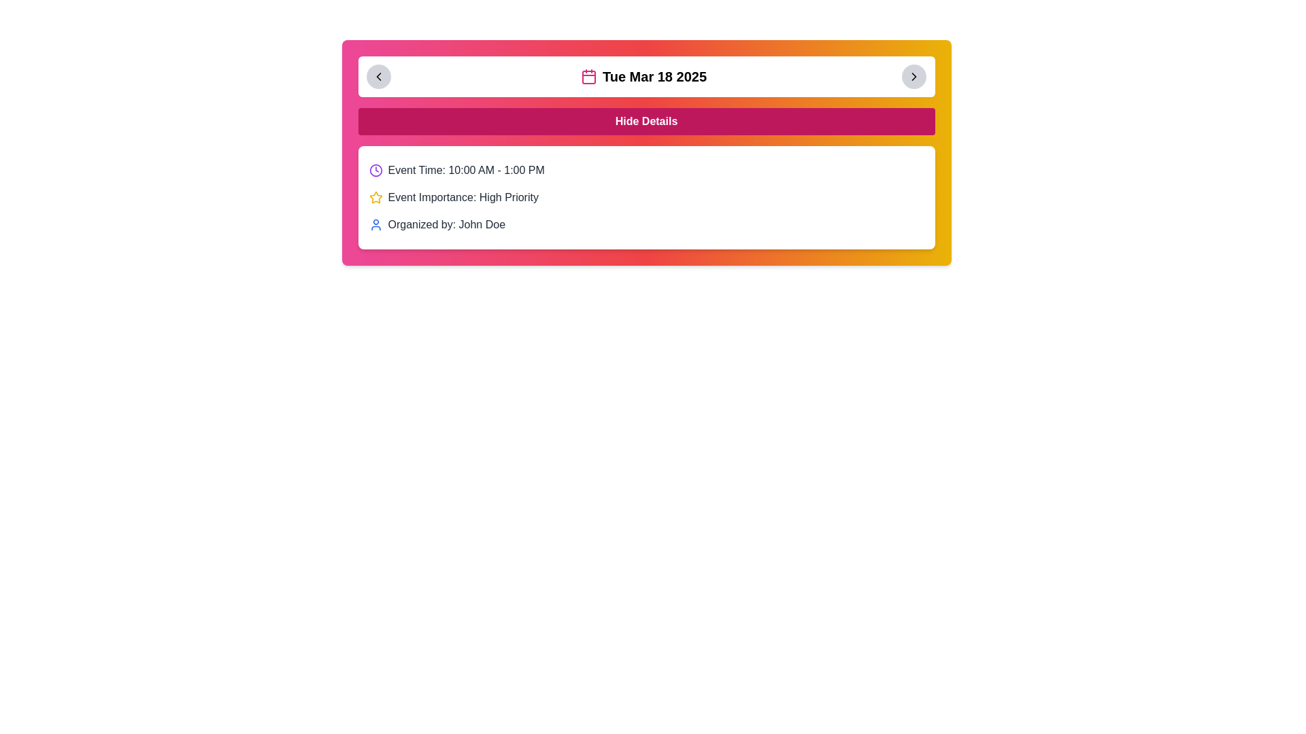 The width and height of the screenshot is (1306, 734). Describe the element at coordinates (378, 76) in the screenshot. I see `the navigational control icon located within the circular button at the upper left corner of the calendar card header` at that location.